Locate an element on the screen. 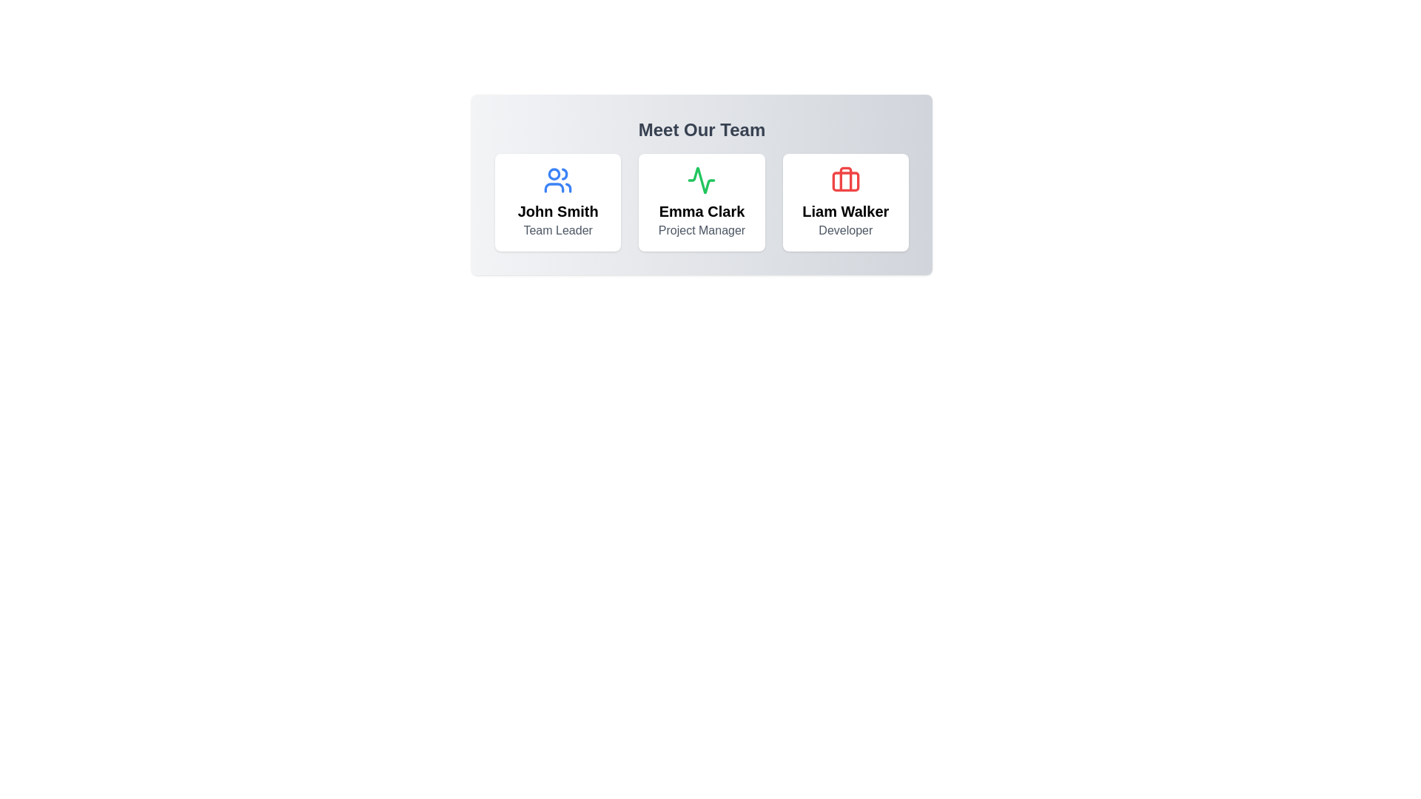  the second profile card for 'Emma Clark', which is located in the 'Meet Our Team' section is located at coordinates (701, 202).